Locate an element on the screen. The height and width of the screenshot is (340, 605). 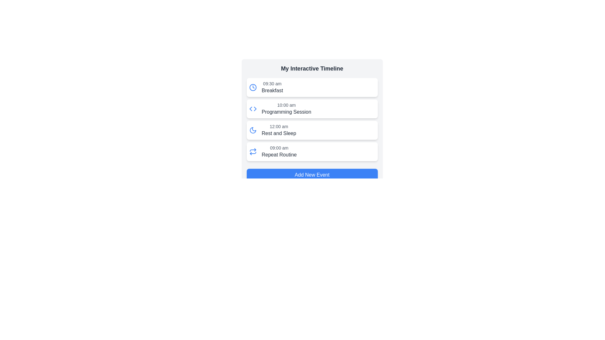
the static text label displaying 'Programming Session', which is located below '10:00 am' in the event list timeline is located at coordinates (286, 111).